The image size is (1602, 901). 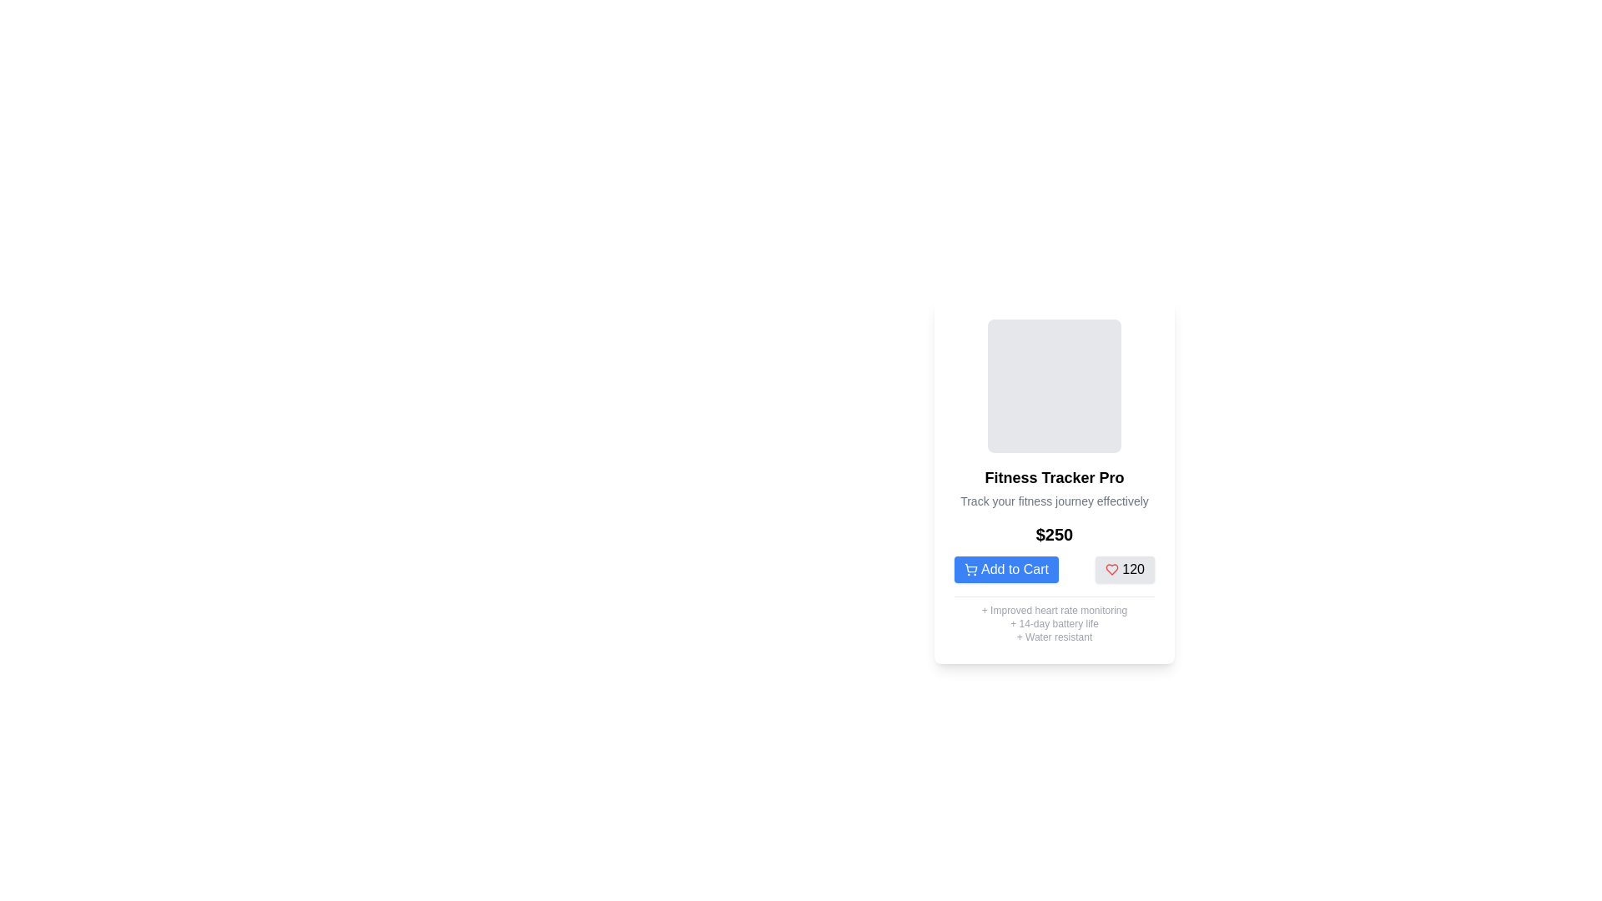 What do you see at coordinates (971, 567) in the screenshot?
I see `the shopping cart icon, which is part of an SVG graphic located to the left of the 'Add to Cart' button` at bounding box center [971, 567].